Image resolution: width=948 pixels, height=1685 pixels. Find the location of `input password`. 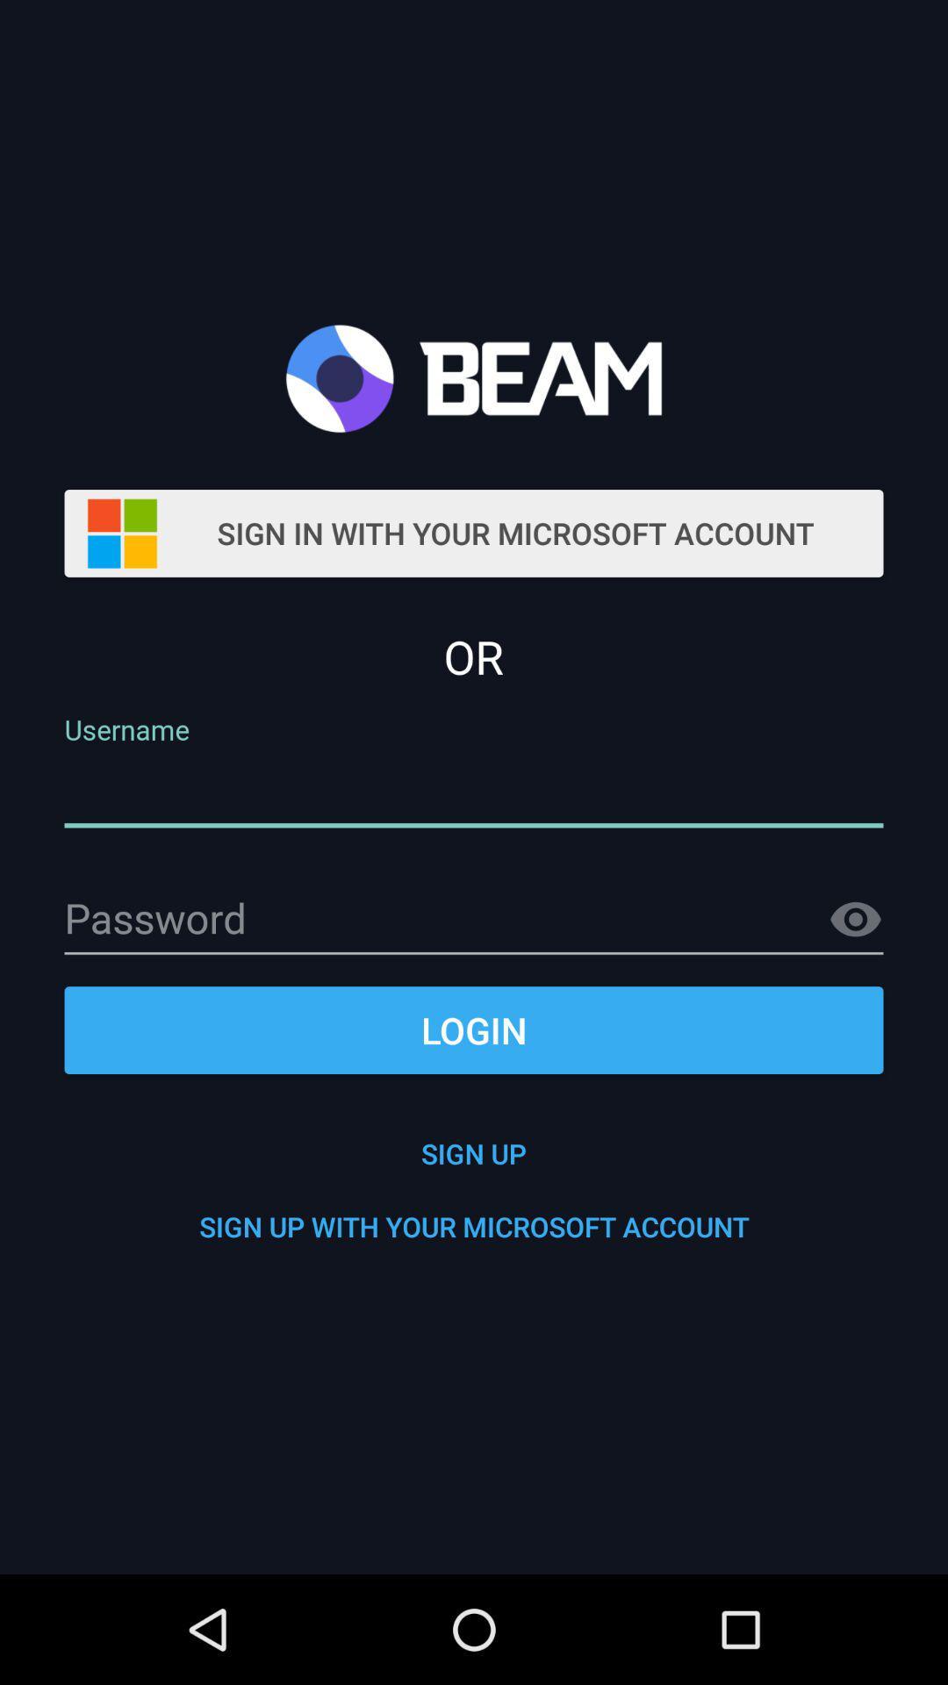

input password is located at coordinates (474, 920).